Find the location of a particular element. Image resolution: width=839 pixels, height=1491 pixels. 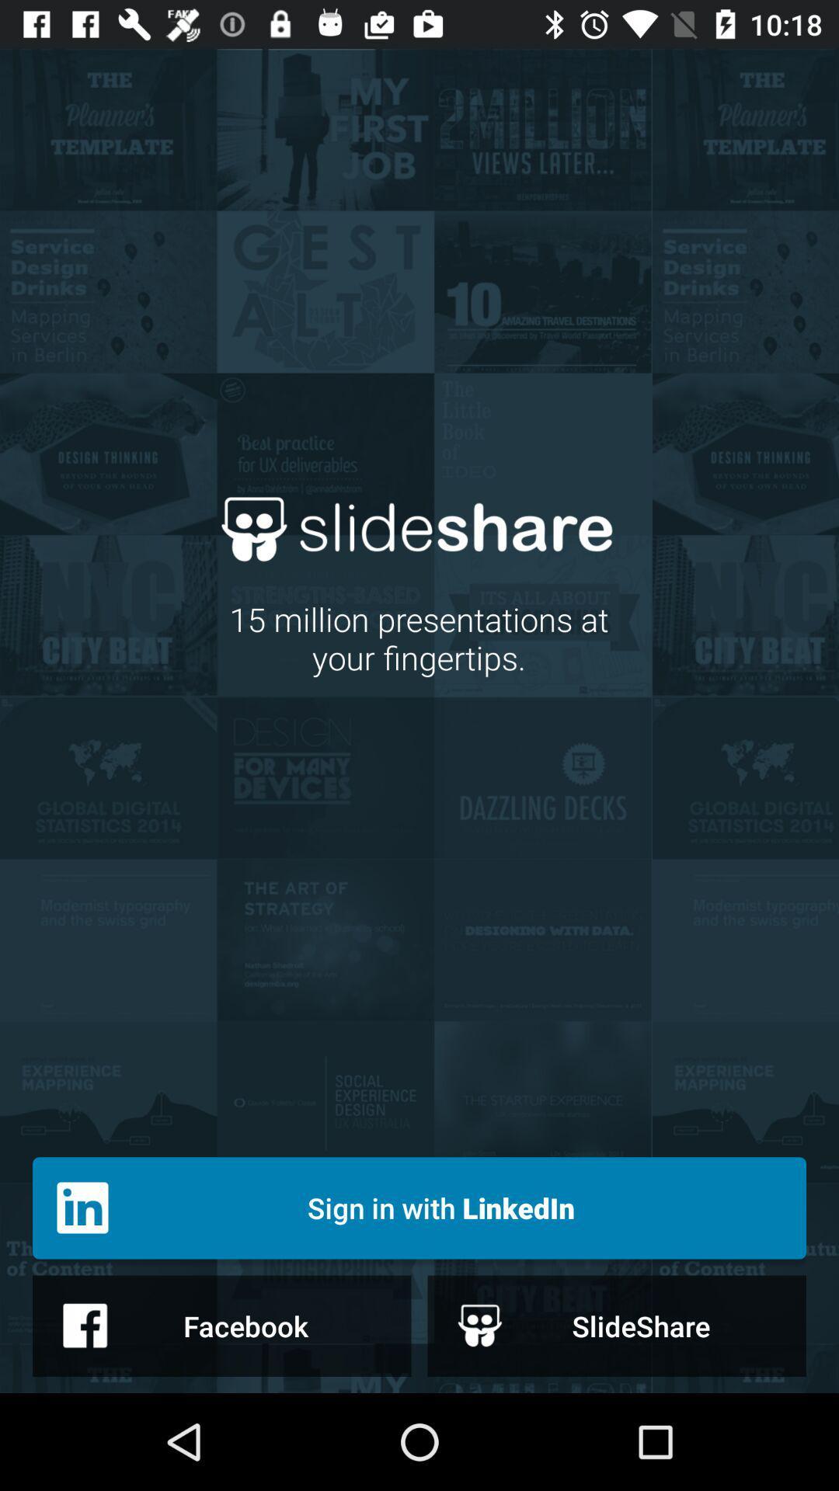

icon below 15 million presentations icon is located at coordinates (419, 1207).